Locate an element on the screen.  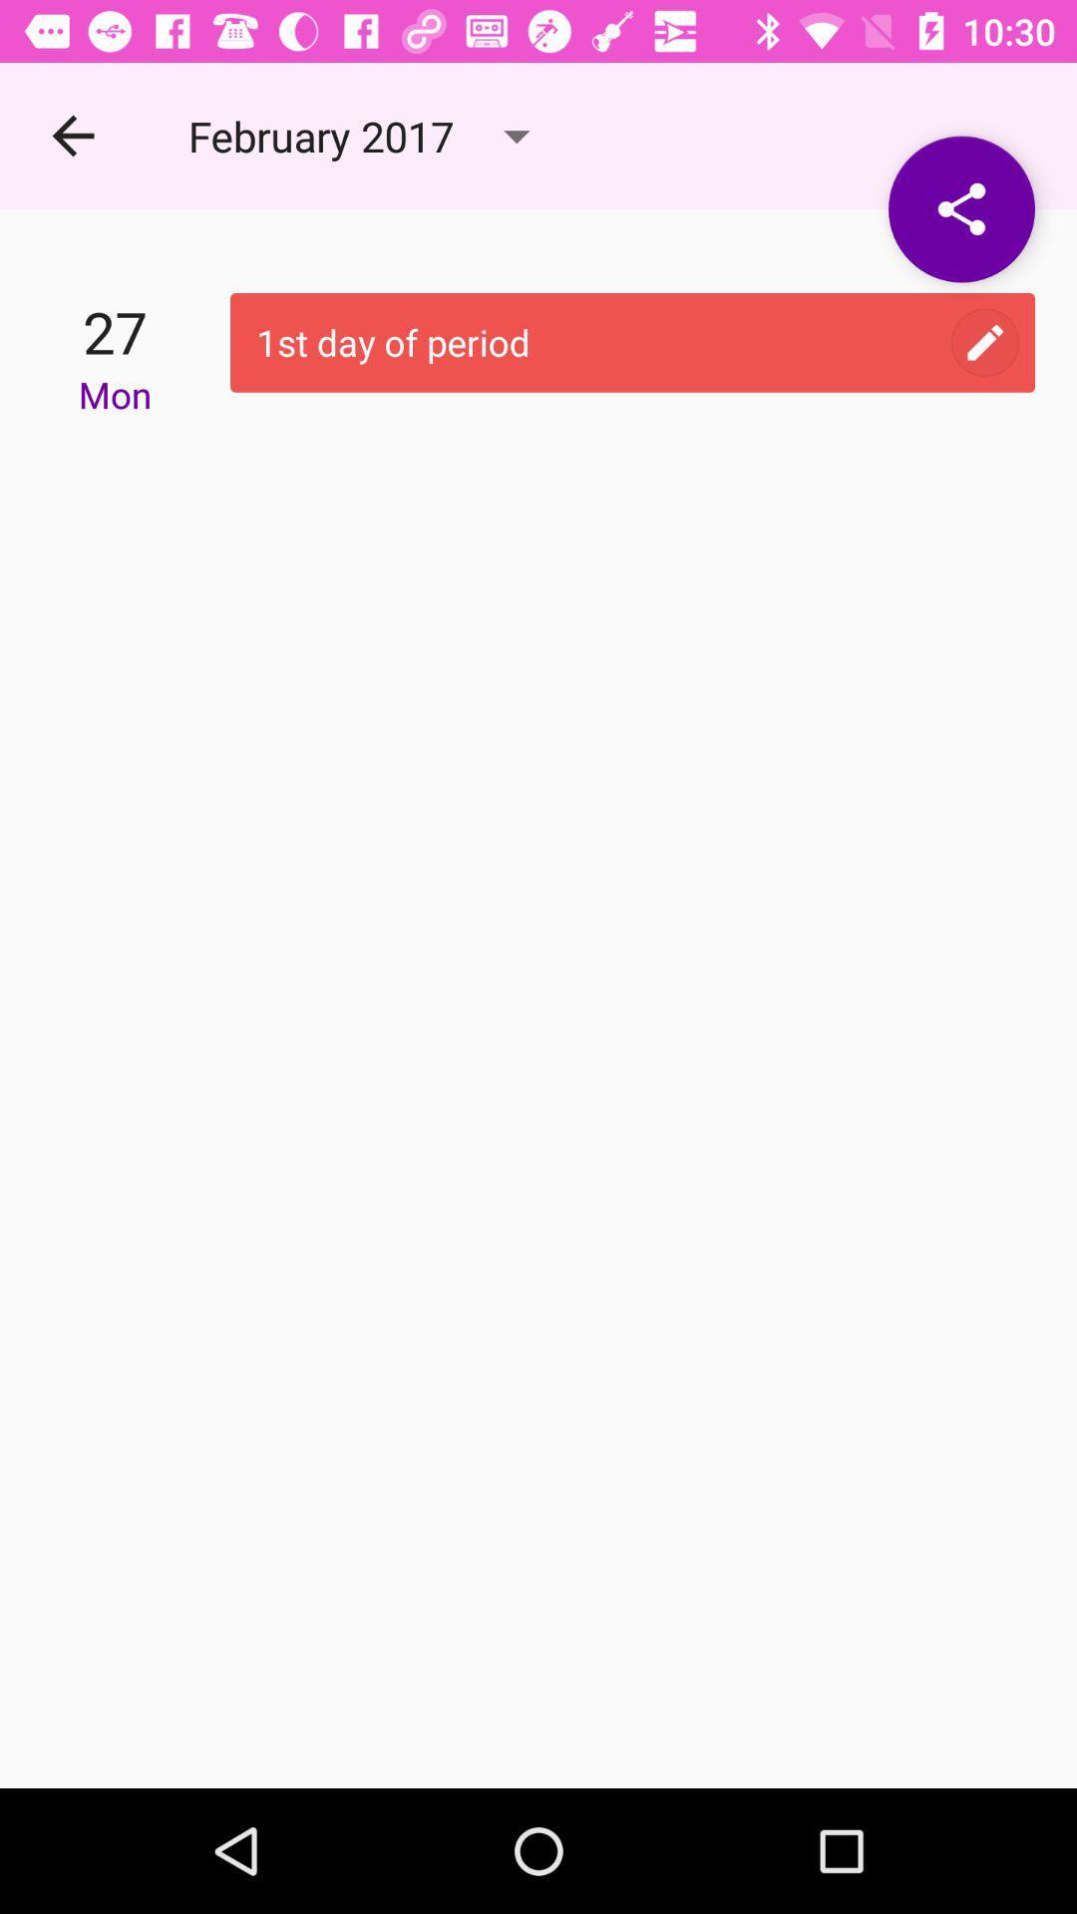
the share icon is located at coordinates (960, 209).